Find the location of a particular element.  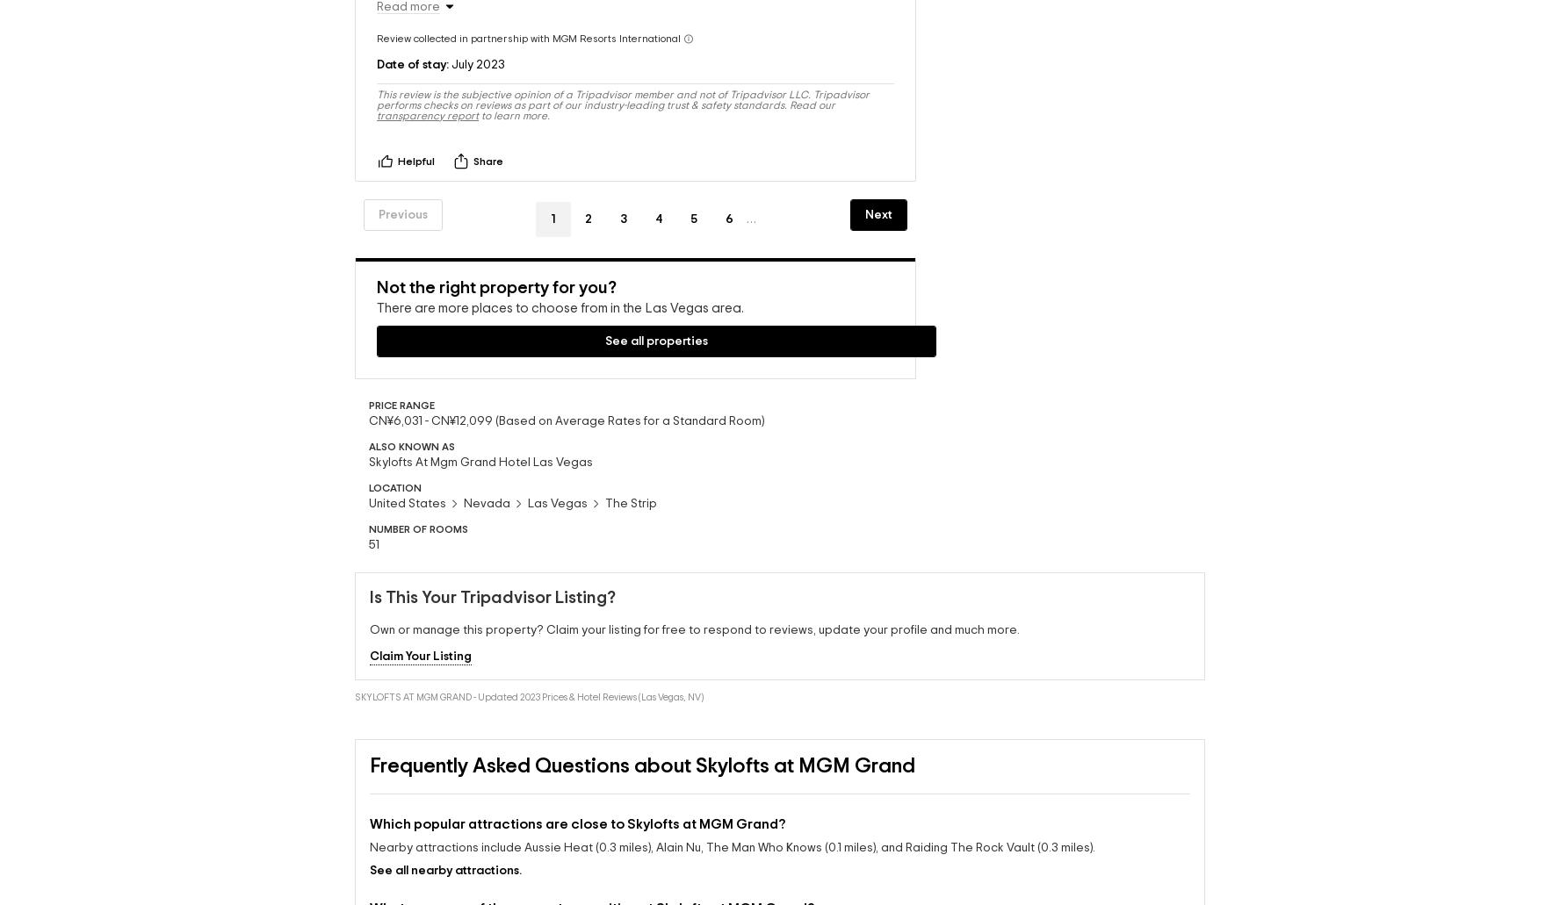

'Previous' is located at coordinates (401, 185).